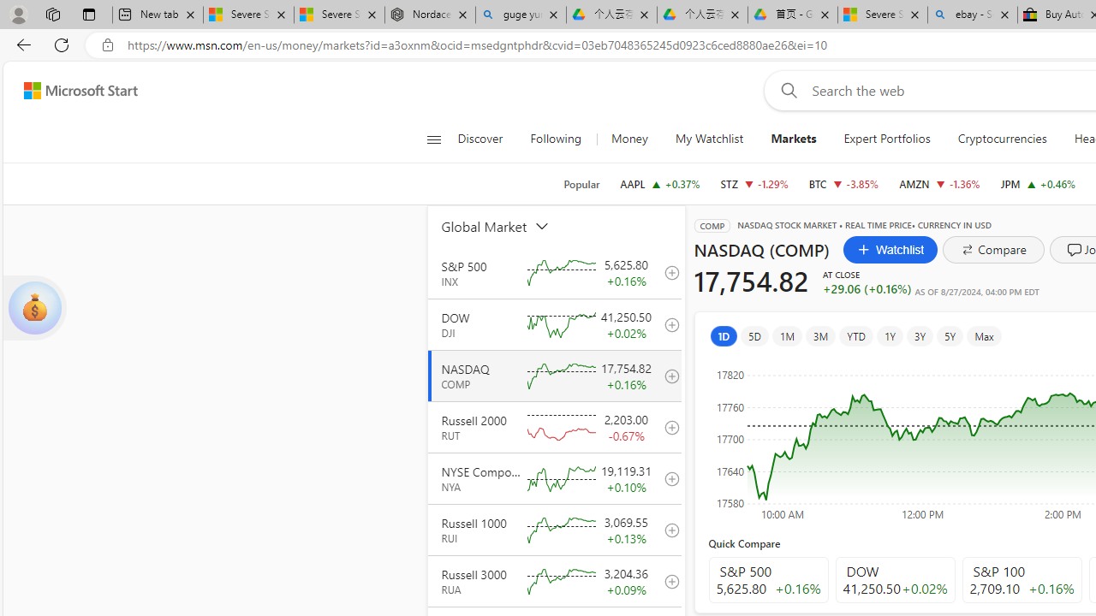  Describe the element at coordinates (724, 335) in the screenshot. I see `'1D'` at that location.